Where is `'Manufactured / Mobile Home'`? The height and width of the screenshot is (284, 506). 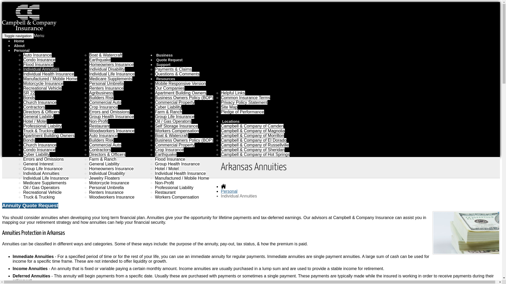
'Manufactured / Mobile Home' is located at coordinates (23, 79).